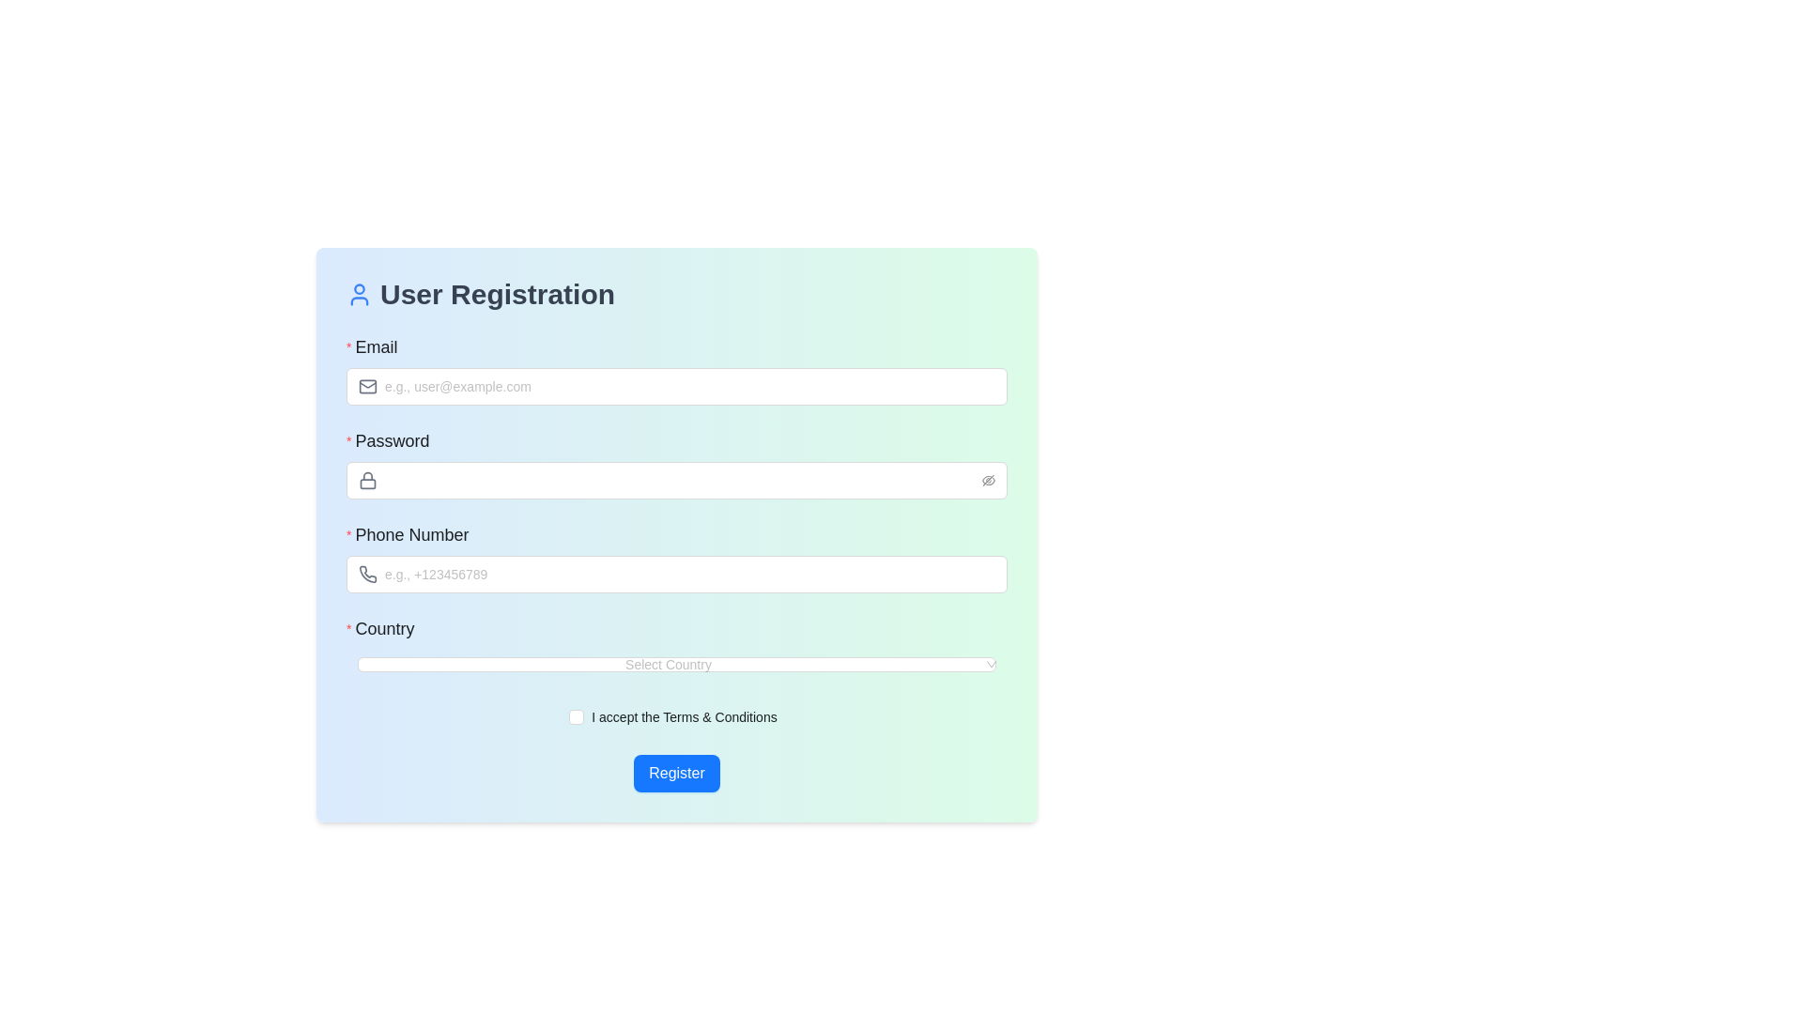 This screenshot has width=1803, height=1014. Describe the element at coordinates (676, 369) in the screenshot. I see `the 'Email' input field, which is the first input field in the form labeled 'Email', located below the 'User Registration' heading and above the 'Password' input field` at that location.